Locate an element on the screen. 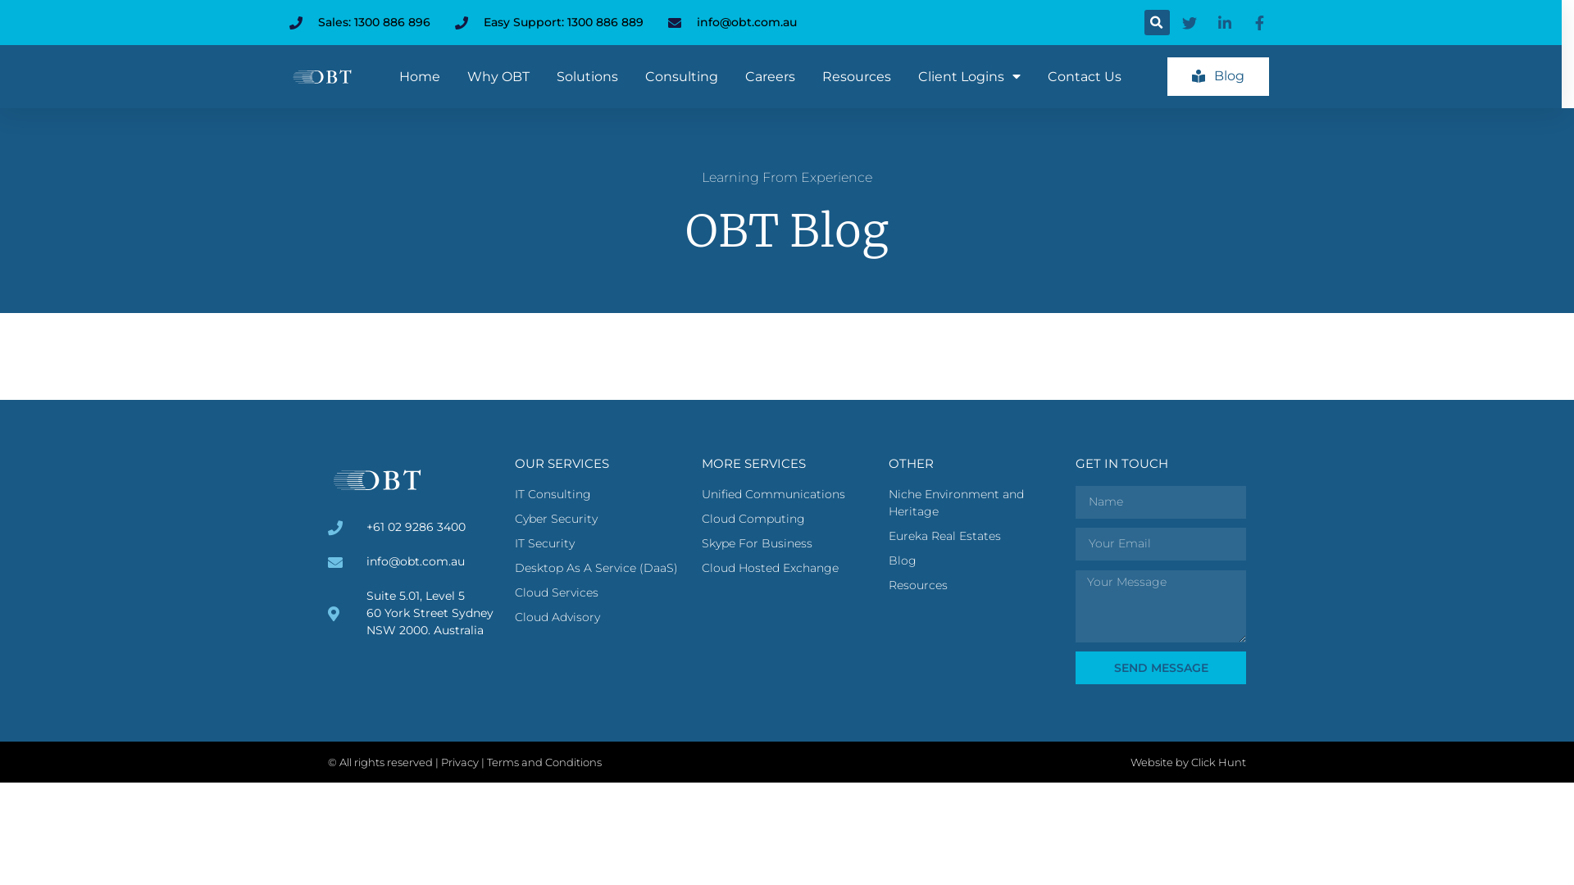  'Resources' is located at coordinates (974, 584).